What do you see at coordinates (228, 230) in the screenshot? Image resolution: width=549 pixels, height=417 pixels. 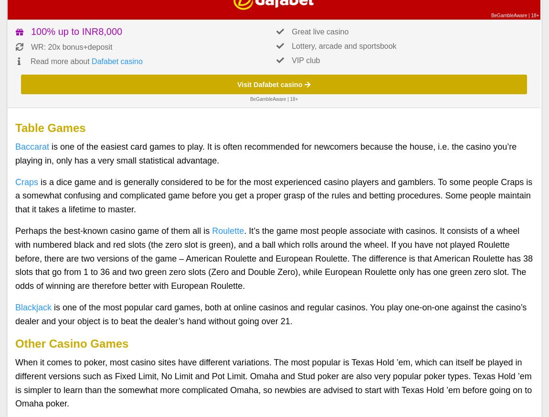 I see `'Roulette'` at bounding box center [228, 230].